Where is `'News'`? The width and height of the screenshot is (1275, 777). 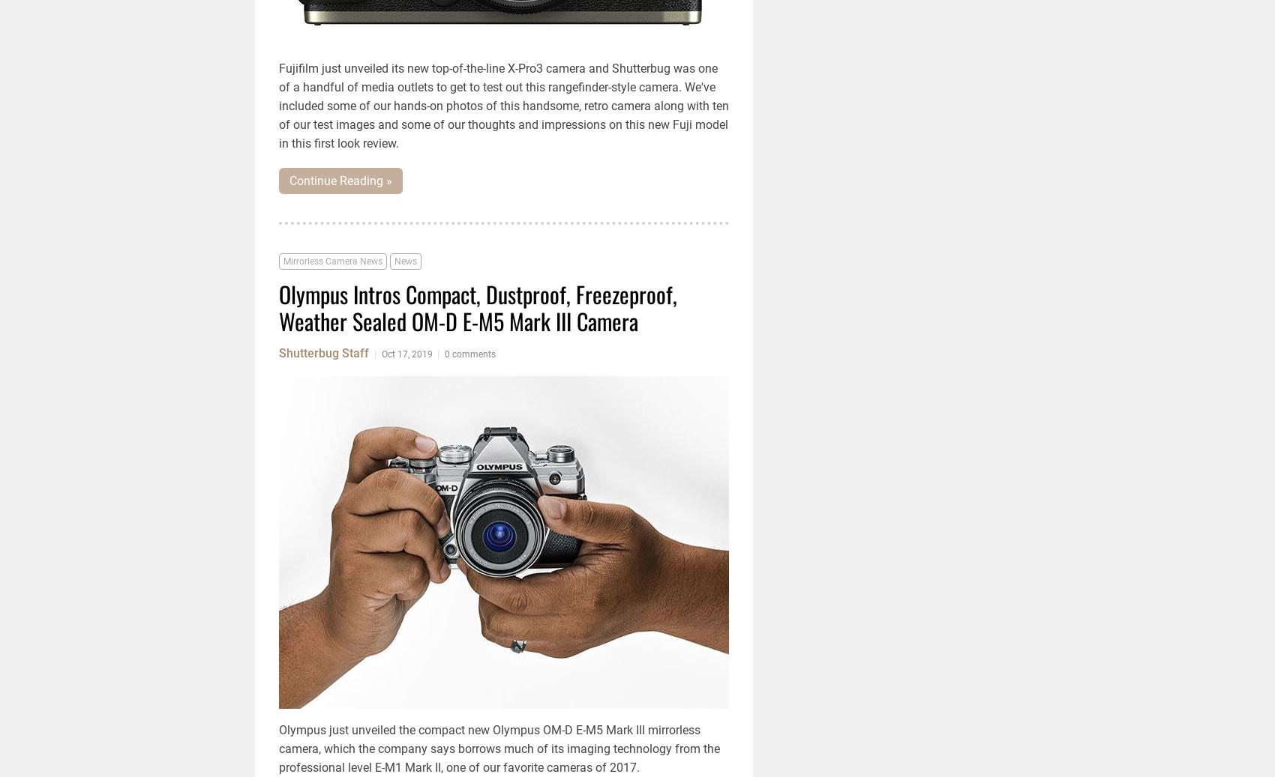
'News' is located at coordinates (404, 260).